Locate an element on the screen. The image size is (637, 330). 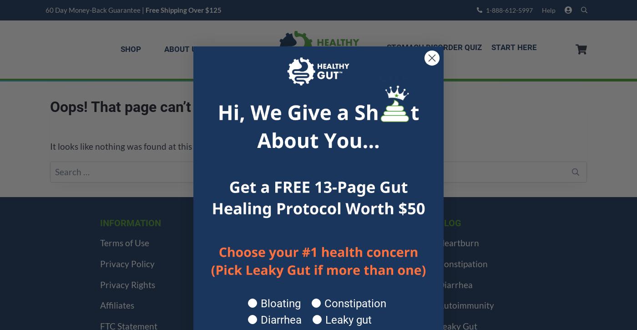
'Free Shipping Over $125' is located at coordinates (146, 10).